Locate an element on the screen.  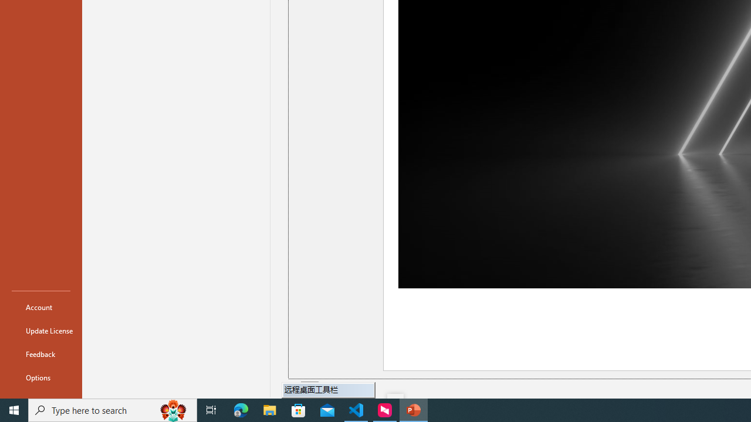
'Feedback' is located at coordinates (40, 353).